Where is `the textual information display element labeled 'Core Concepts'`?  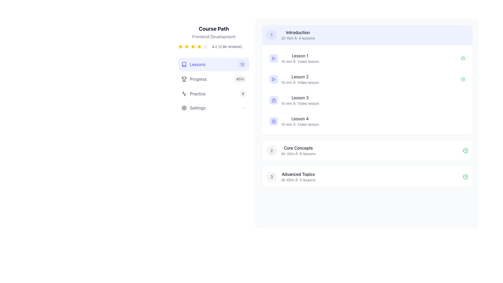 the textual information display element labeled 'Core Concepts' is located at coordinates (298, 150).